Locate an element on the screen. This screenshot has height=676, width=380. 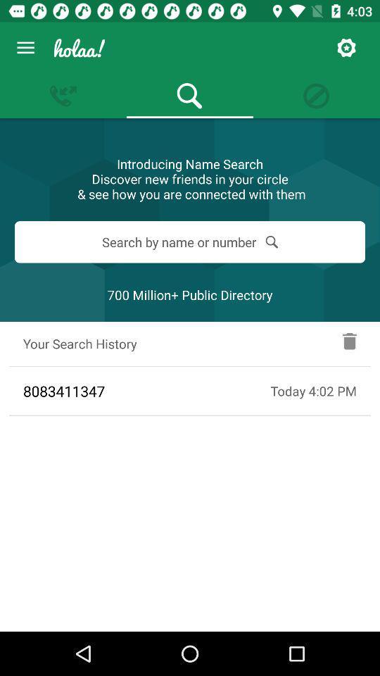
click the setting option is located at coordinates (346, 48).